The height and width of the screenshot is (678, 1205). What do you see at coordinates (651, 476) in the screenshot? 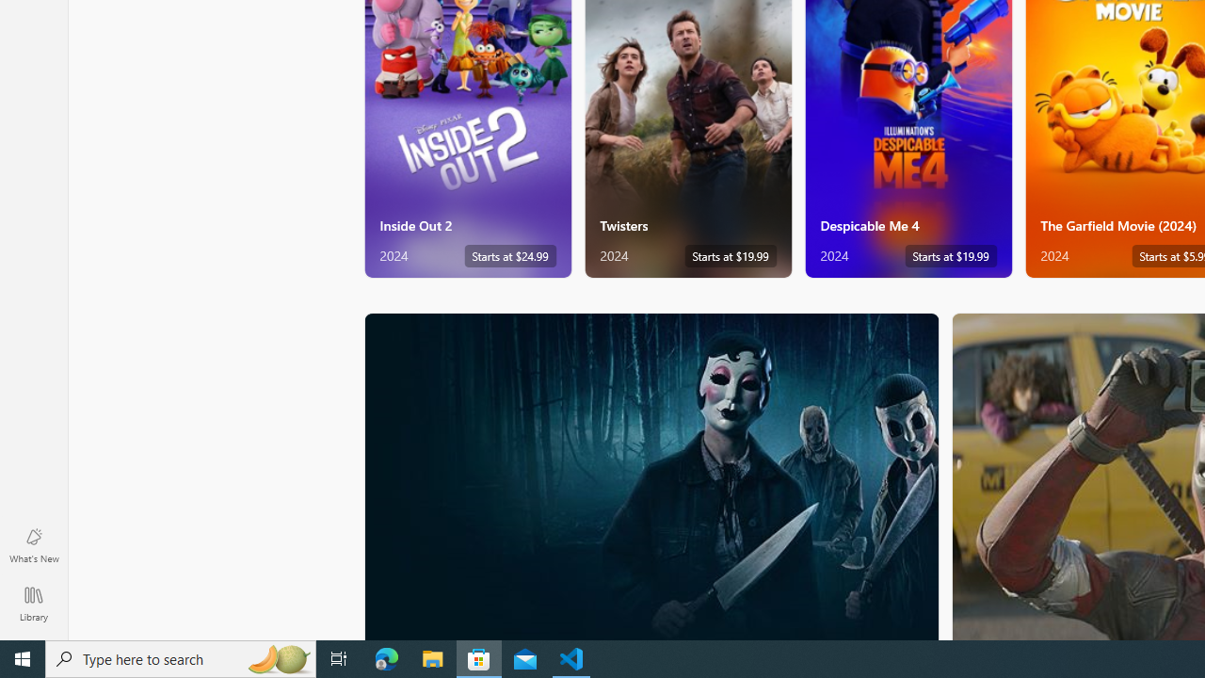
I see `'AutomationID: PosterImage'` at bounding box center [651, 476].